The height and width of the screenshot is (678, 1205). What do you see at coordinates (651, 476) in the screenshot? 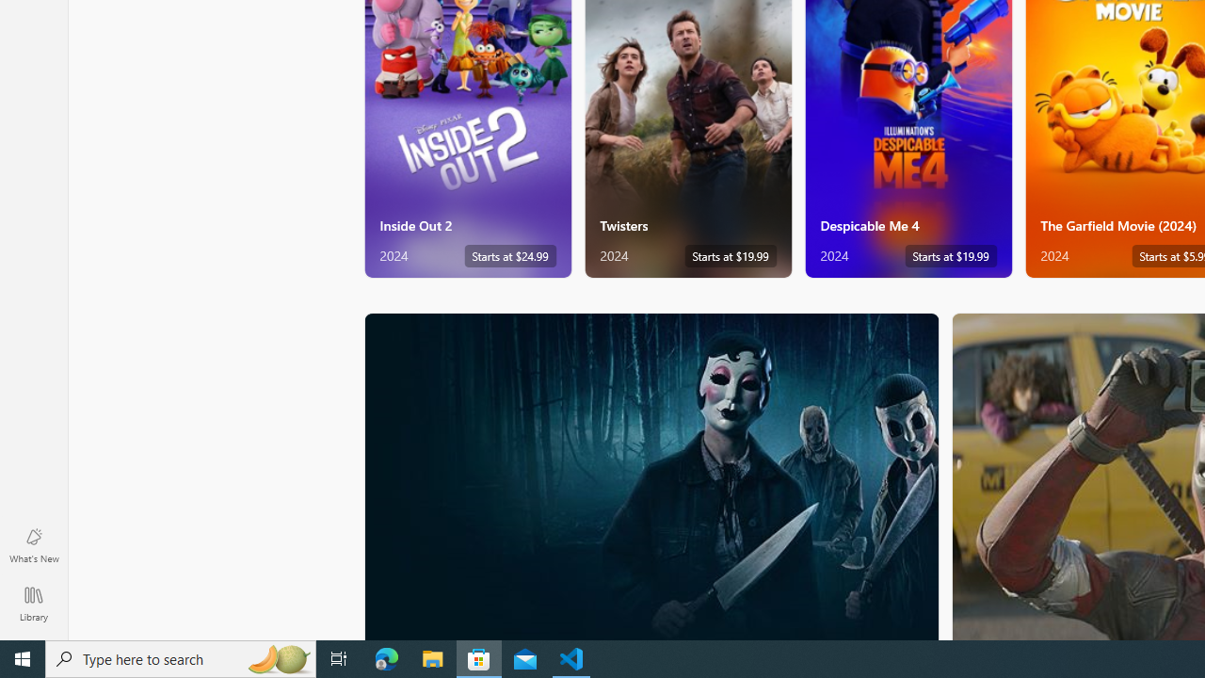
I see `'AutomationID: PosterImage'` at bounding box center [651, 476].